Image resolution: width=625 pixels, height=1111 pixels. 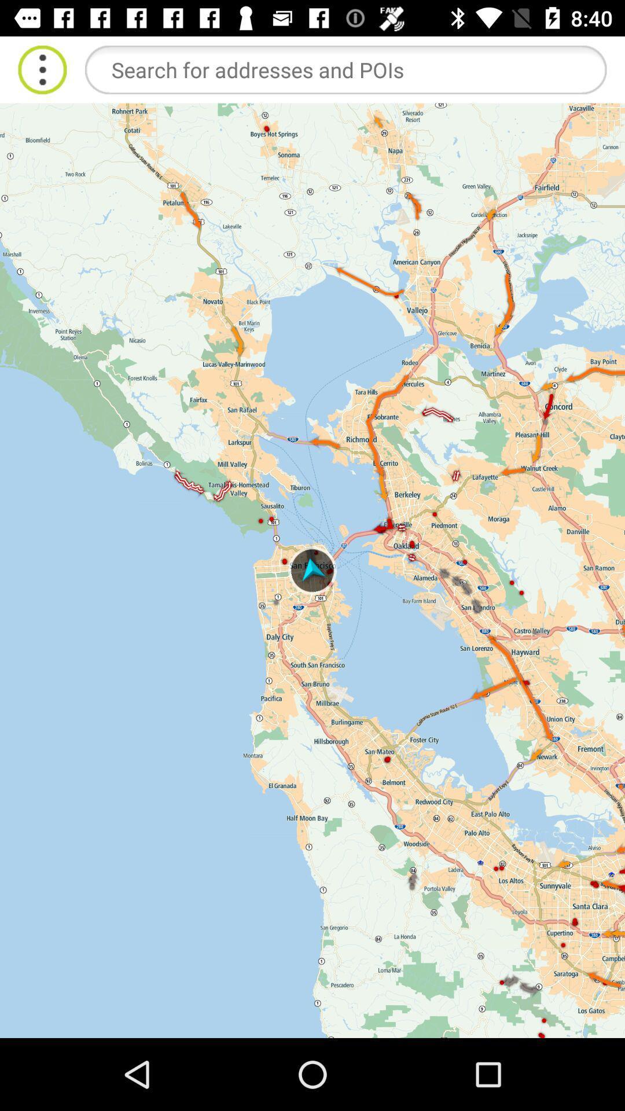 I want to click on menu, so click(x=42, y=69).